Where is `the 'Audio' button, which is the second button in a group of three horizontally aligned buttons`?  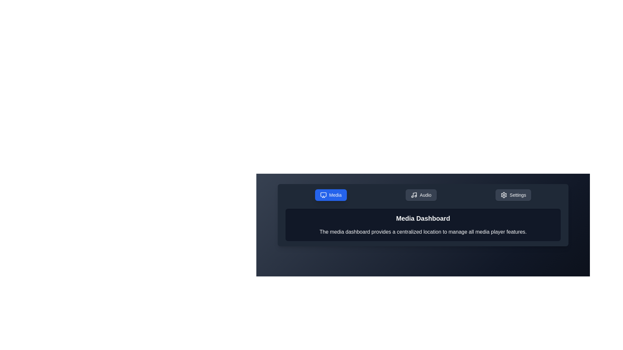
the 'Audio' button, which is the second button in a group of three horizontally aligned buttons is located at coordinates (421, 194).